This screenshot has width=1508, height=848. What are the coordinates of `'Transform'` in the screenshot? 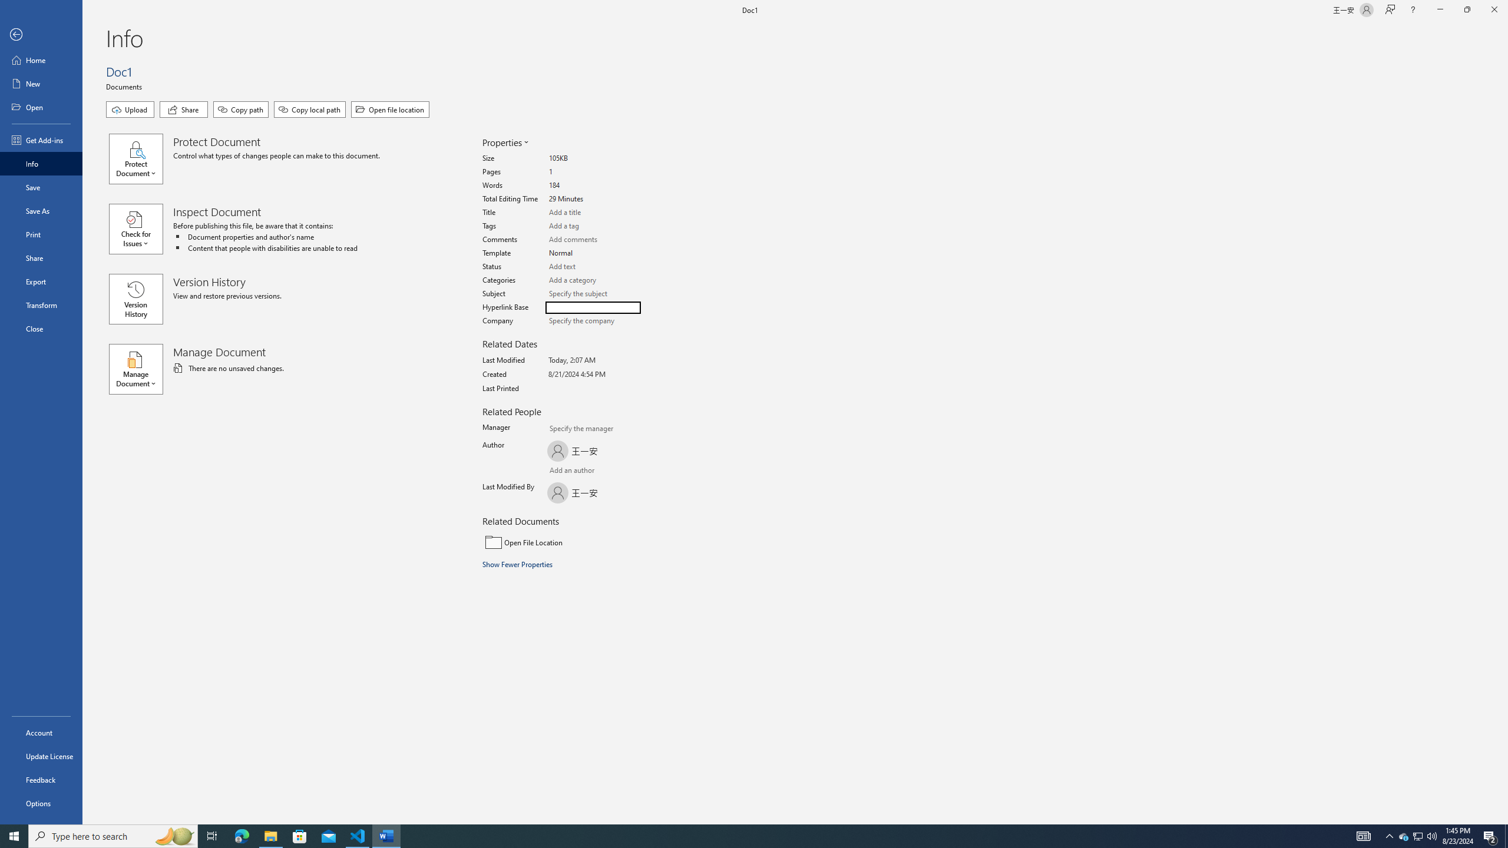 It's located at (41, 304).